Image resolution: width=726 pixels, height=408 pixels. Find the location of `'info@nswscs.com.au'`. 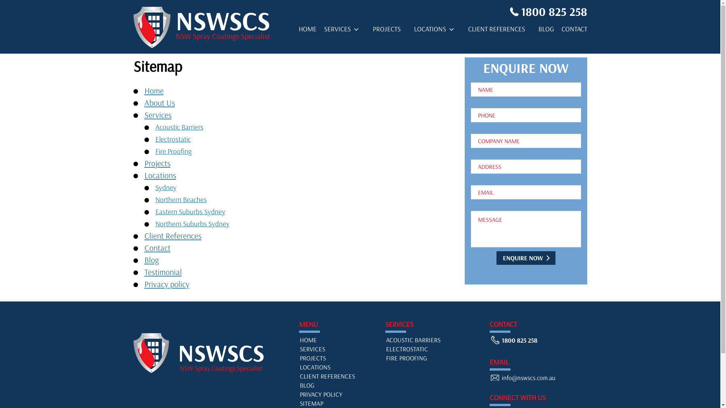

'info@nswscs.com.au' is located at coordinates (490, 378).